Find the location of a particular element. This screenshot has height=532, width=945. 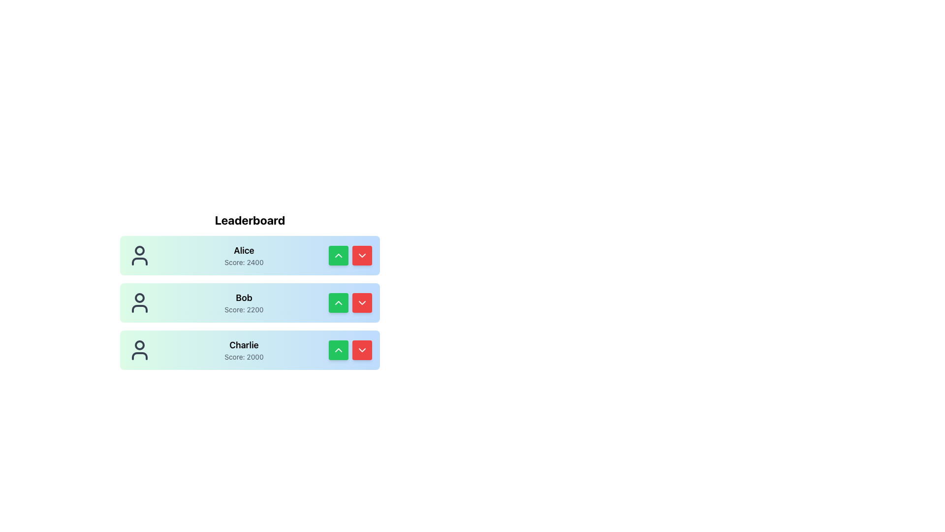

the avatar icon representing the user 'Bob' in the second row of the leaderboard, which is visually associated with his score of 2200 is located at coordinates (139, 302).